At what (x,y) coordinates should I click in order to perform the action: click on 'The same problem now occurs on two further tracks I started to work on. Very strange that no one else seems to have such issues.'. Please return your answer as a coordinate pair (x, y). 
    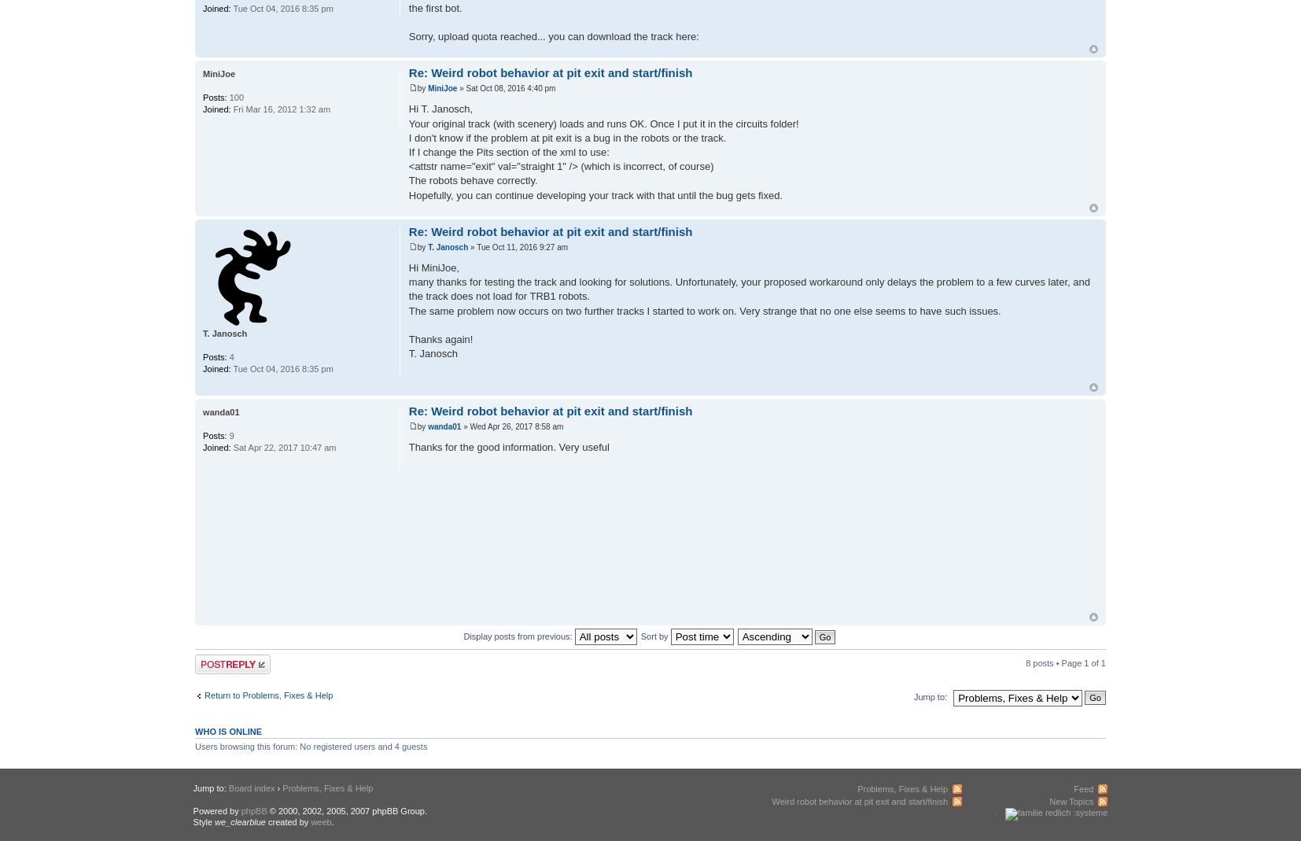
    Looking at the image, I should click on (703, 310).